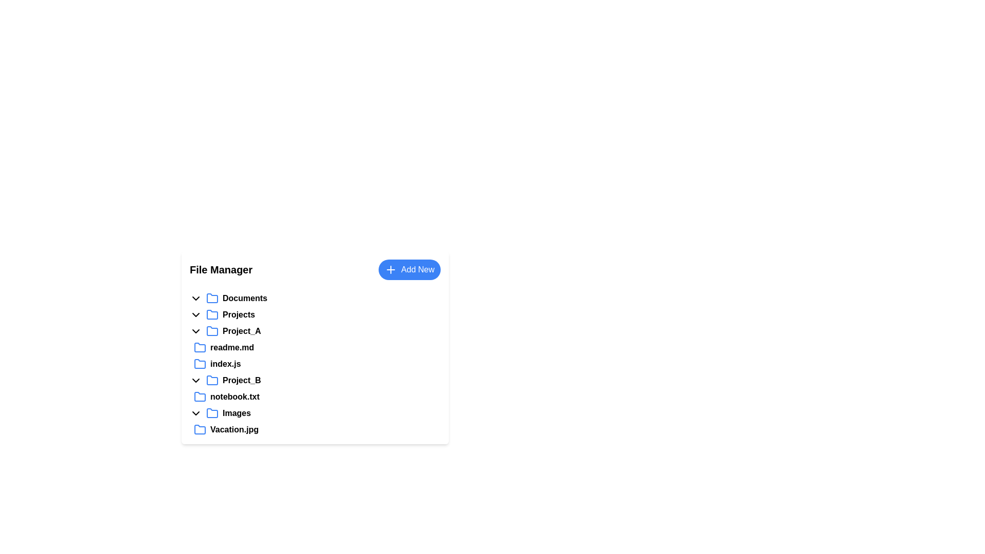  What do you see at coordinates (314, 363) in the screenshot?
I see `the hierarchical list element in the File Manager interface` at bounding box center [314, 363].